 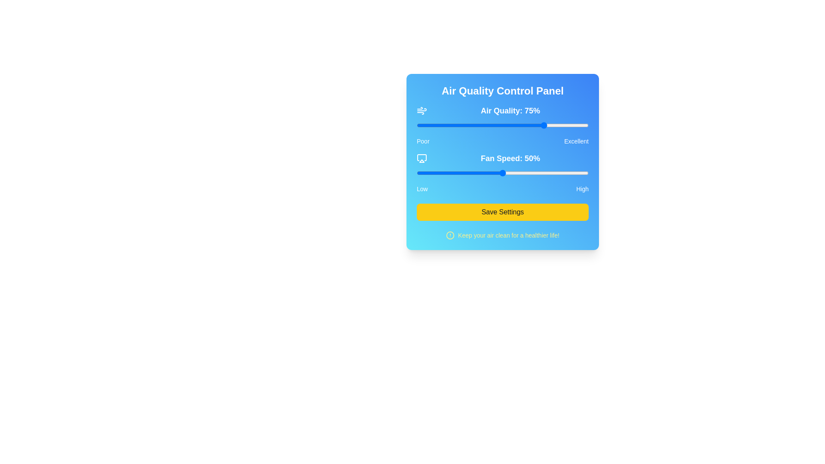 I want to click on air quality, so click(x=446, y=125).